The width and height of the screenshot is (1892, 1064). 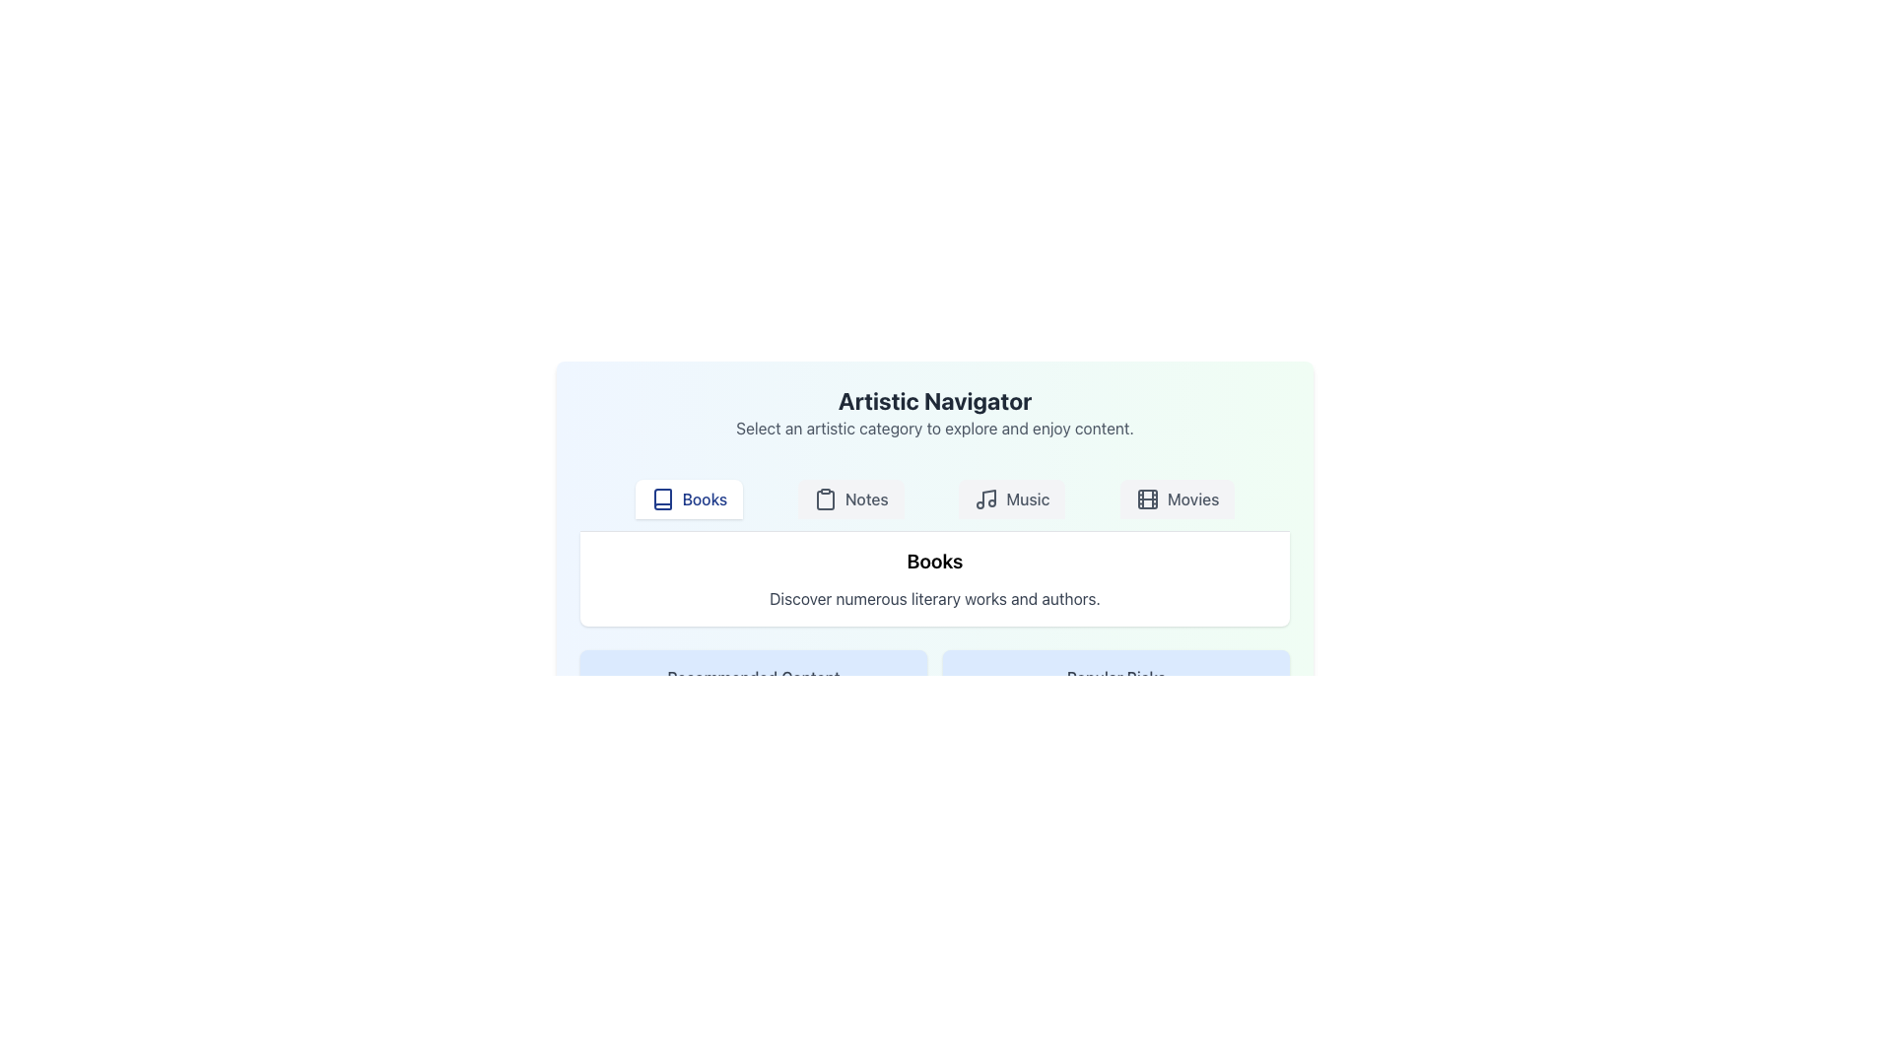 What do you see at coordinates (934, 428) in the screenshot?
I see `the static text element providing guidance below the 'Artistic Navigator' heading, which is centered on the page` at bounding box center [934, 428].